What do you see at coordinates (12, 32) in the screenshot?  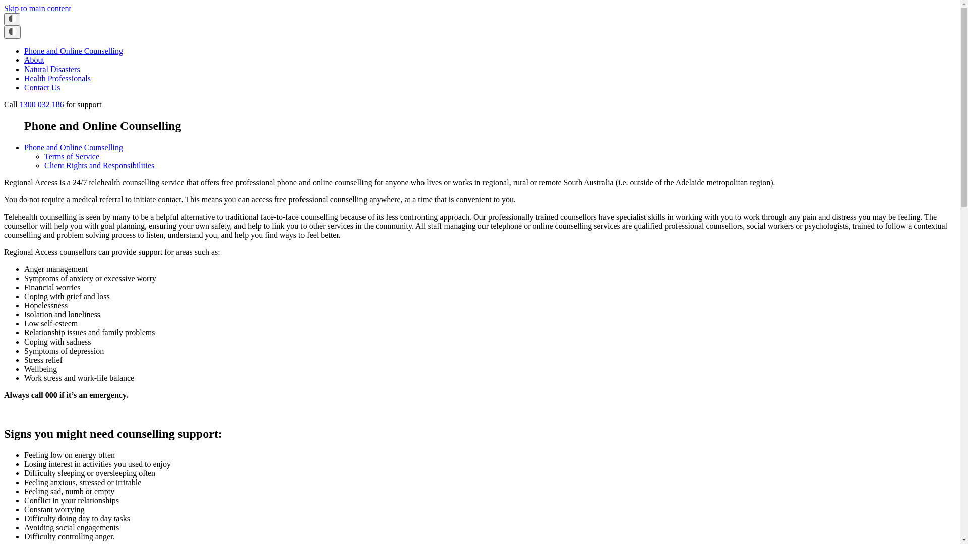 I see `'Toggle High Contrast icon'` at bounding box center [12, 32].